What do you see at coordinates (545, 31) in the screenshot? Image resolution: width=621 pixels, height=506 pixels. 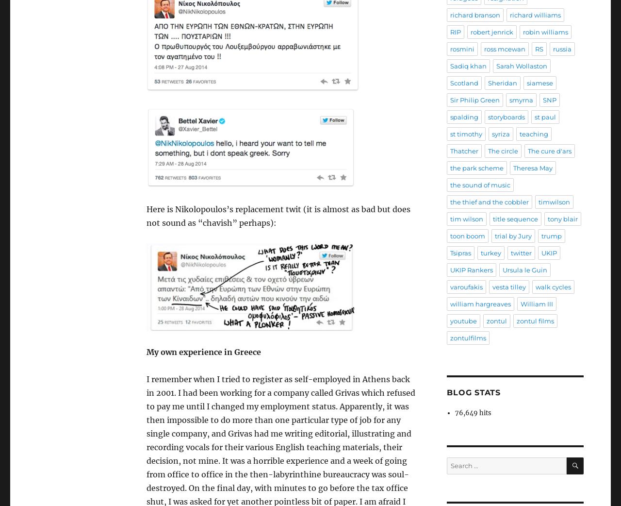 I see `'robin williams'` at bounding box center [545, 31].